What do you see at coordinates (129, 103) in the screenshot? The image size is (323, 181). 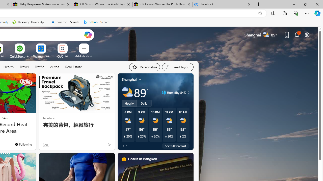 I see `'Hourly'` at bounding box center [129, 103].